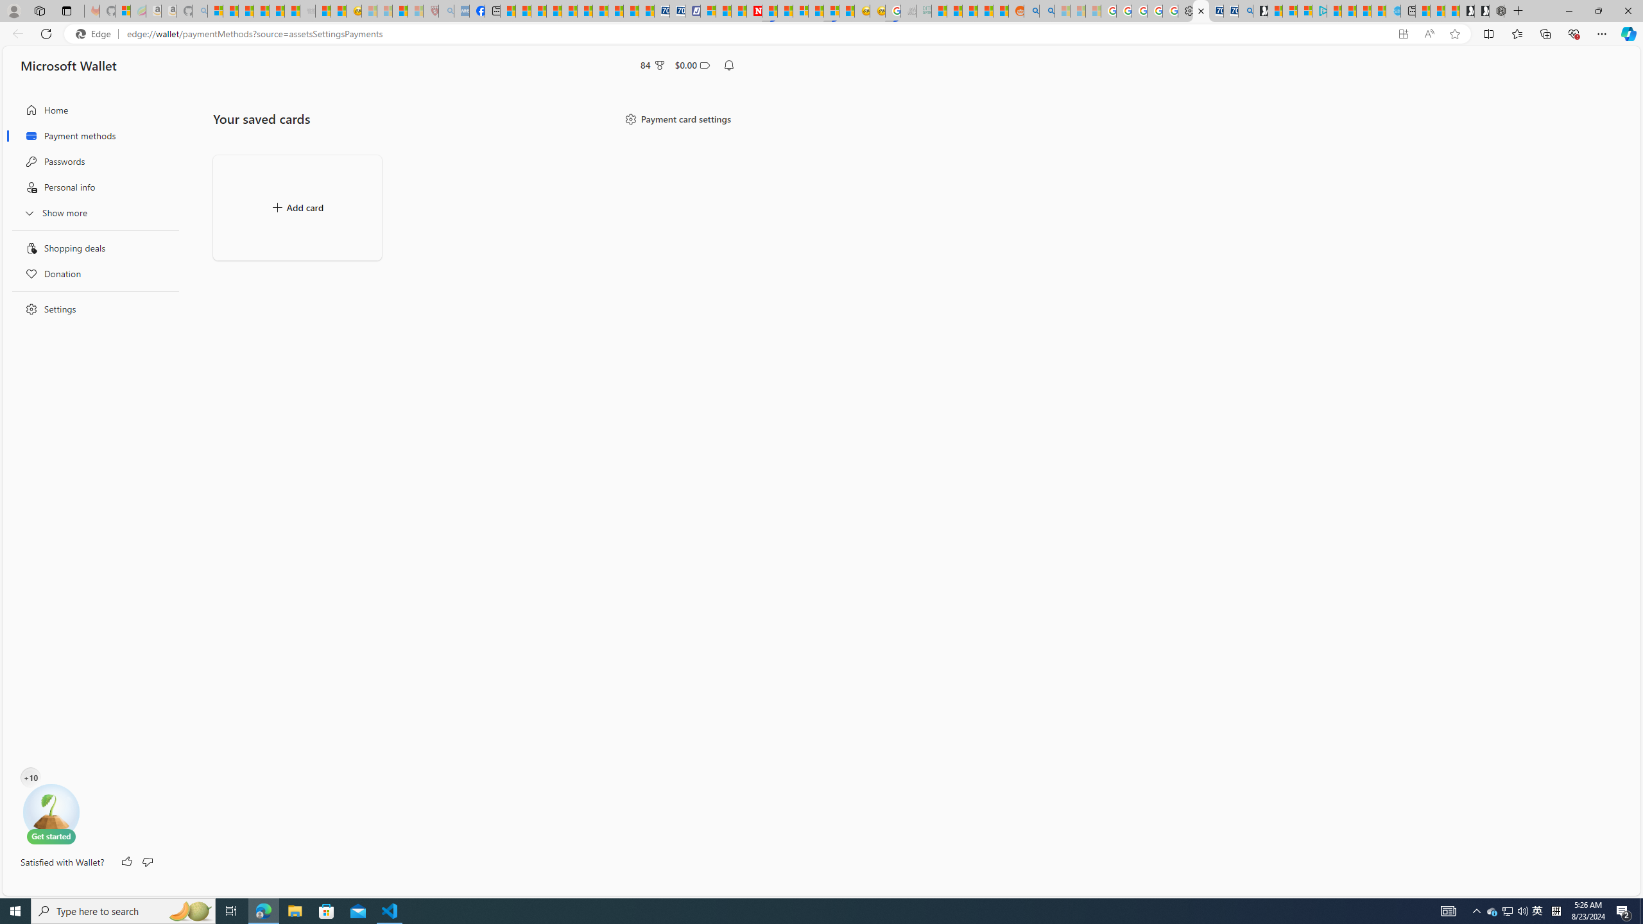  I want to click on 'Payment card settings', so click(677, 118).